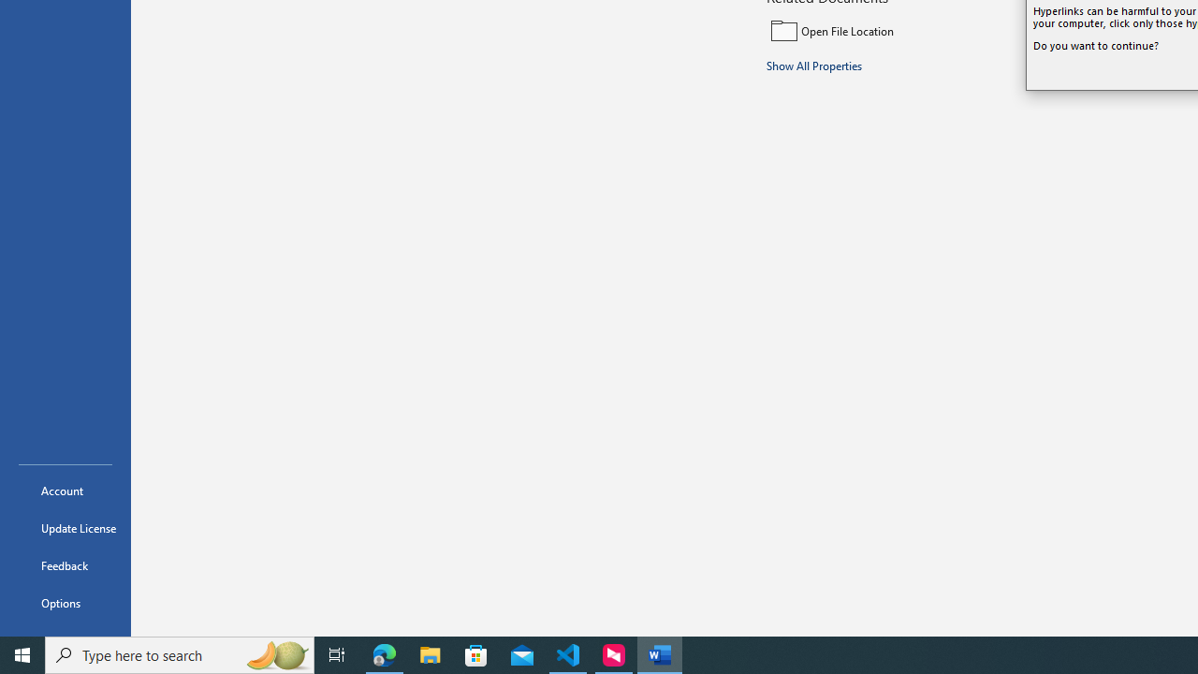 The width and height of the screenshot is (1198, 674). What do you see at coordinates (180, 653) in the screenshot?
I see `'Type here to search'` at bounding box center [180, 653].